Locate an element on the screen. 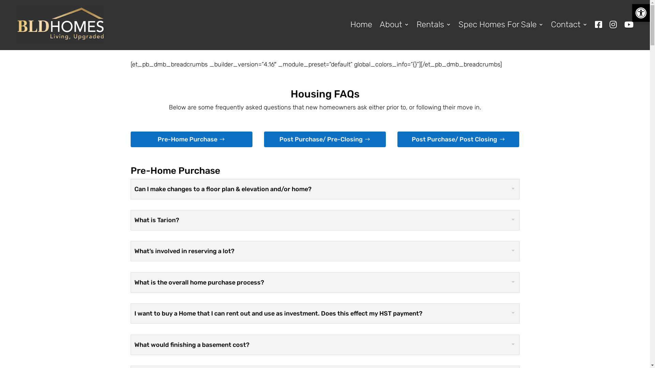  'Youtube' is located at coordinates (628, 24).